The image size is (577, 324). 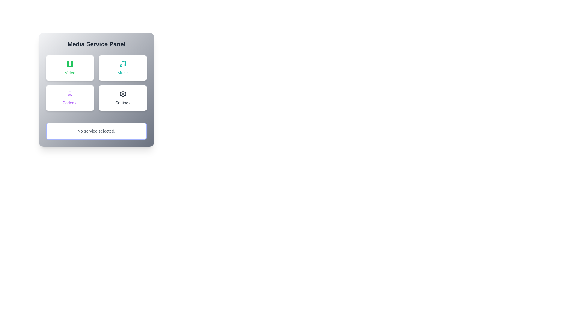 What do you see at coordinates (70, 73) in the screenshot?
I see `the text label 'Video' which indicates video services, located in the upper-left quadrant of the main interface panel` at bounding box center [70, 73].